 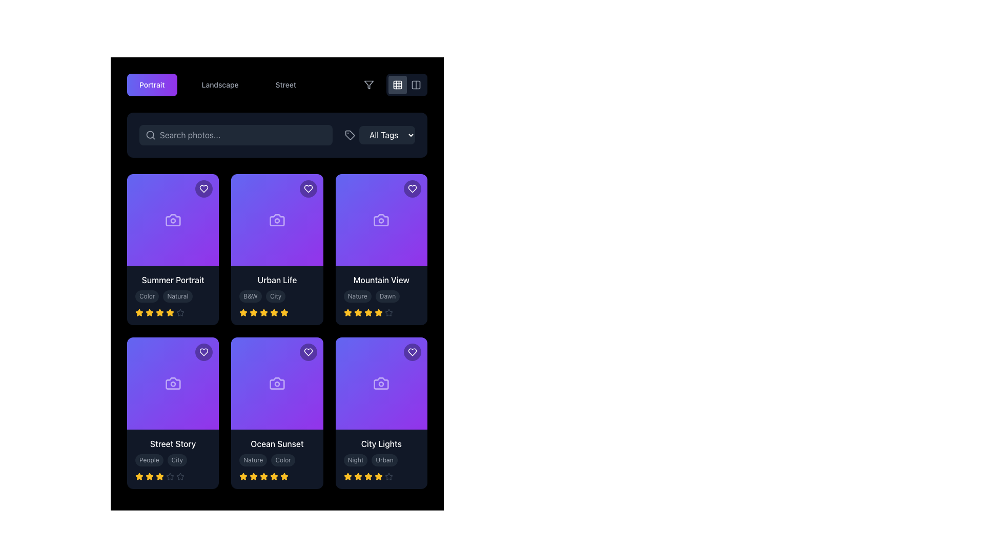 I want to click on the fifth star in the rating indicator beneath the 'Mountain View' card to visually assess the rating, so click(x=388, y=312).